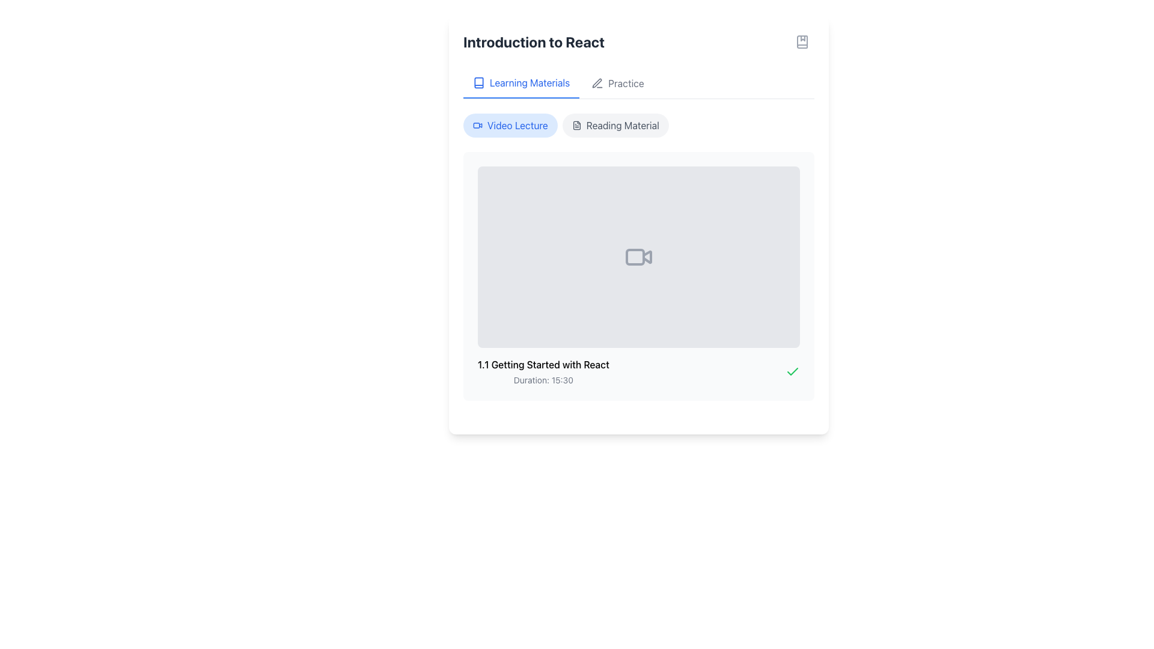 This screenshot has height=649, width=1154. Describe the element at coordinates (543, 371) in the screenshot. I see `the informative text block displaying the title and duration of the video lecture located below the video thumbnail in the 'Introduction to React' section` at that location.